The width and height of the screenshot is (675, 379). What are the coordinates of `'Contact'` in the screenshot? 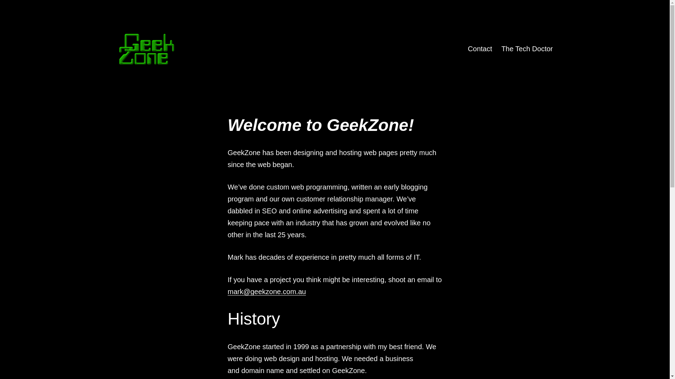 It's located at (463, 48).